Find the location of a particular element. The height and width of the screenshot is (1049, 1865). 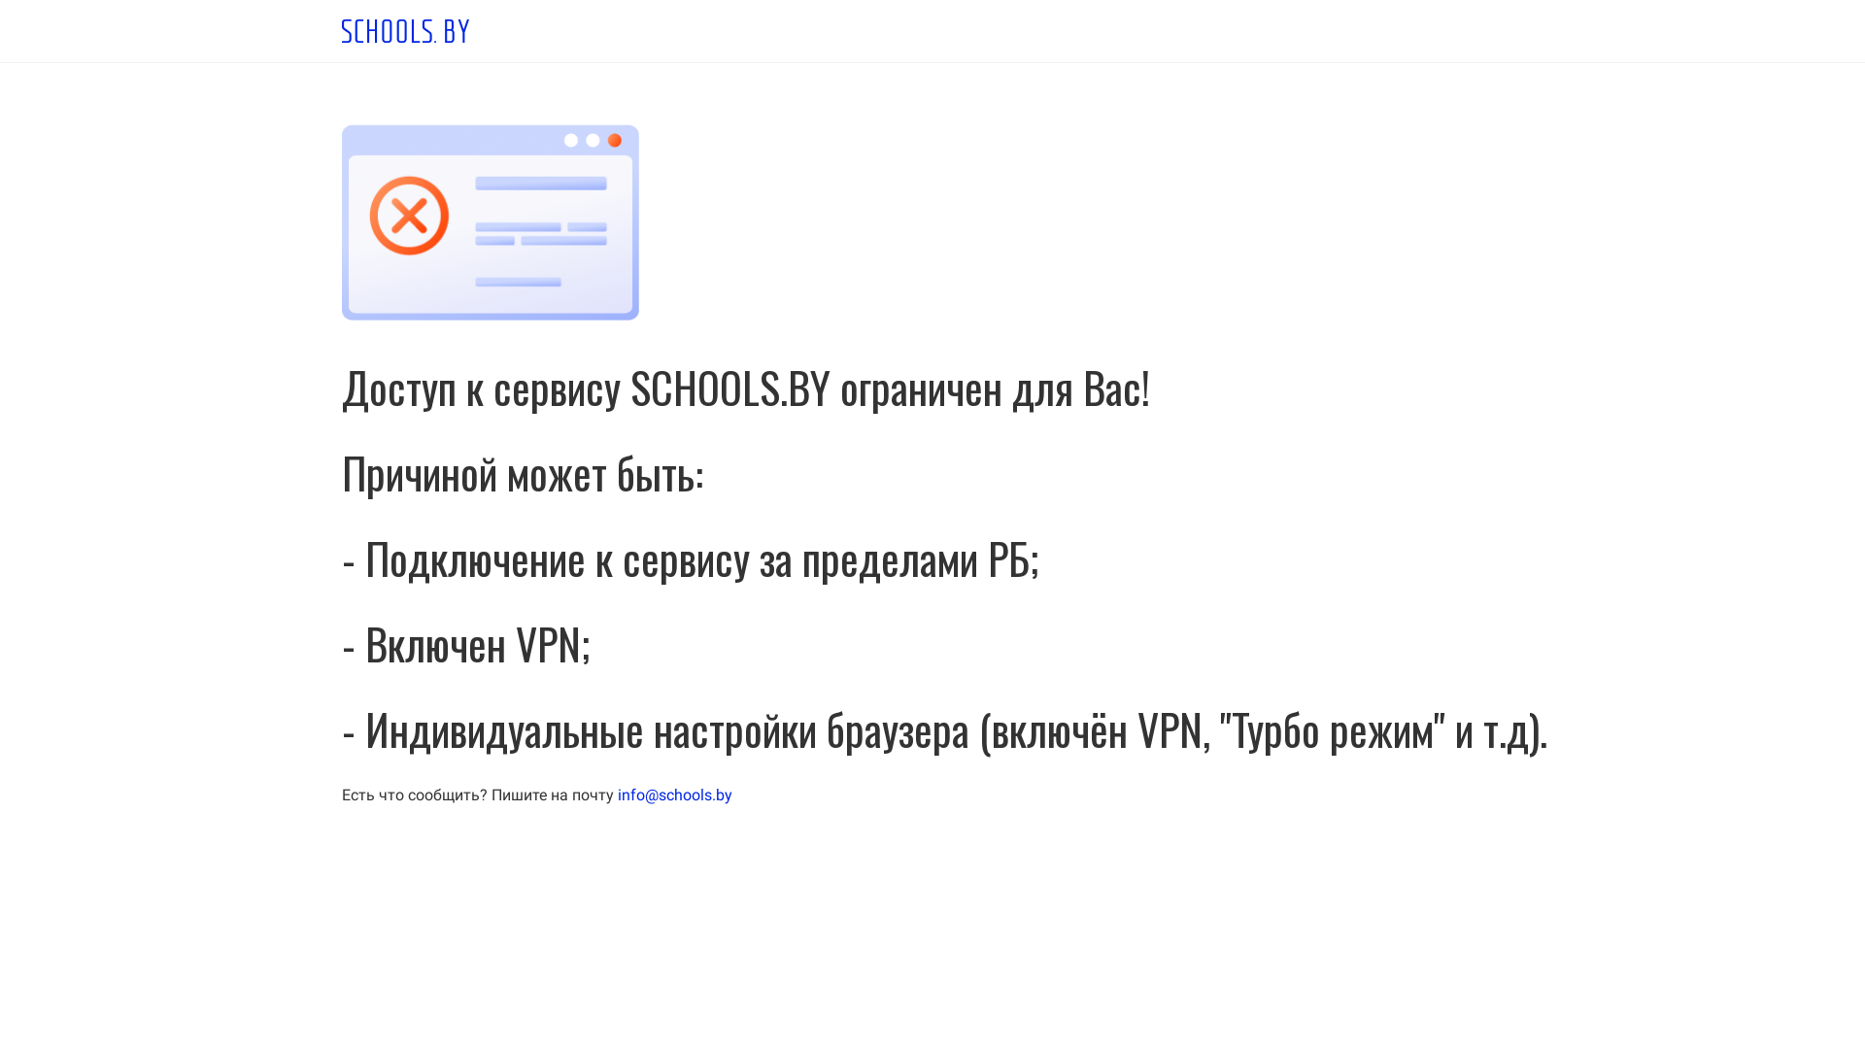

'info@schools.by' is located at coordinates (616, 795).